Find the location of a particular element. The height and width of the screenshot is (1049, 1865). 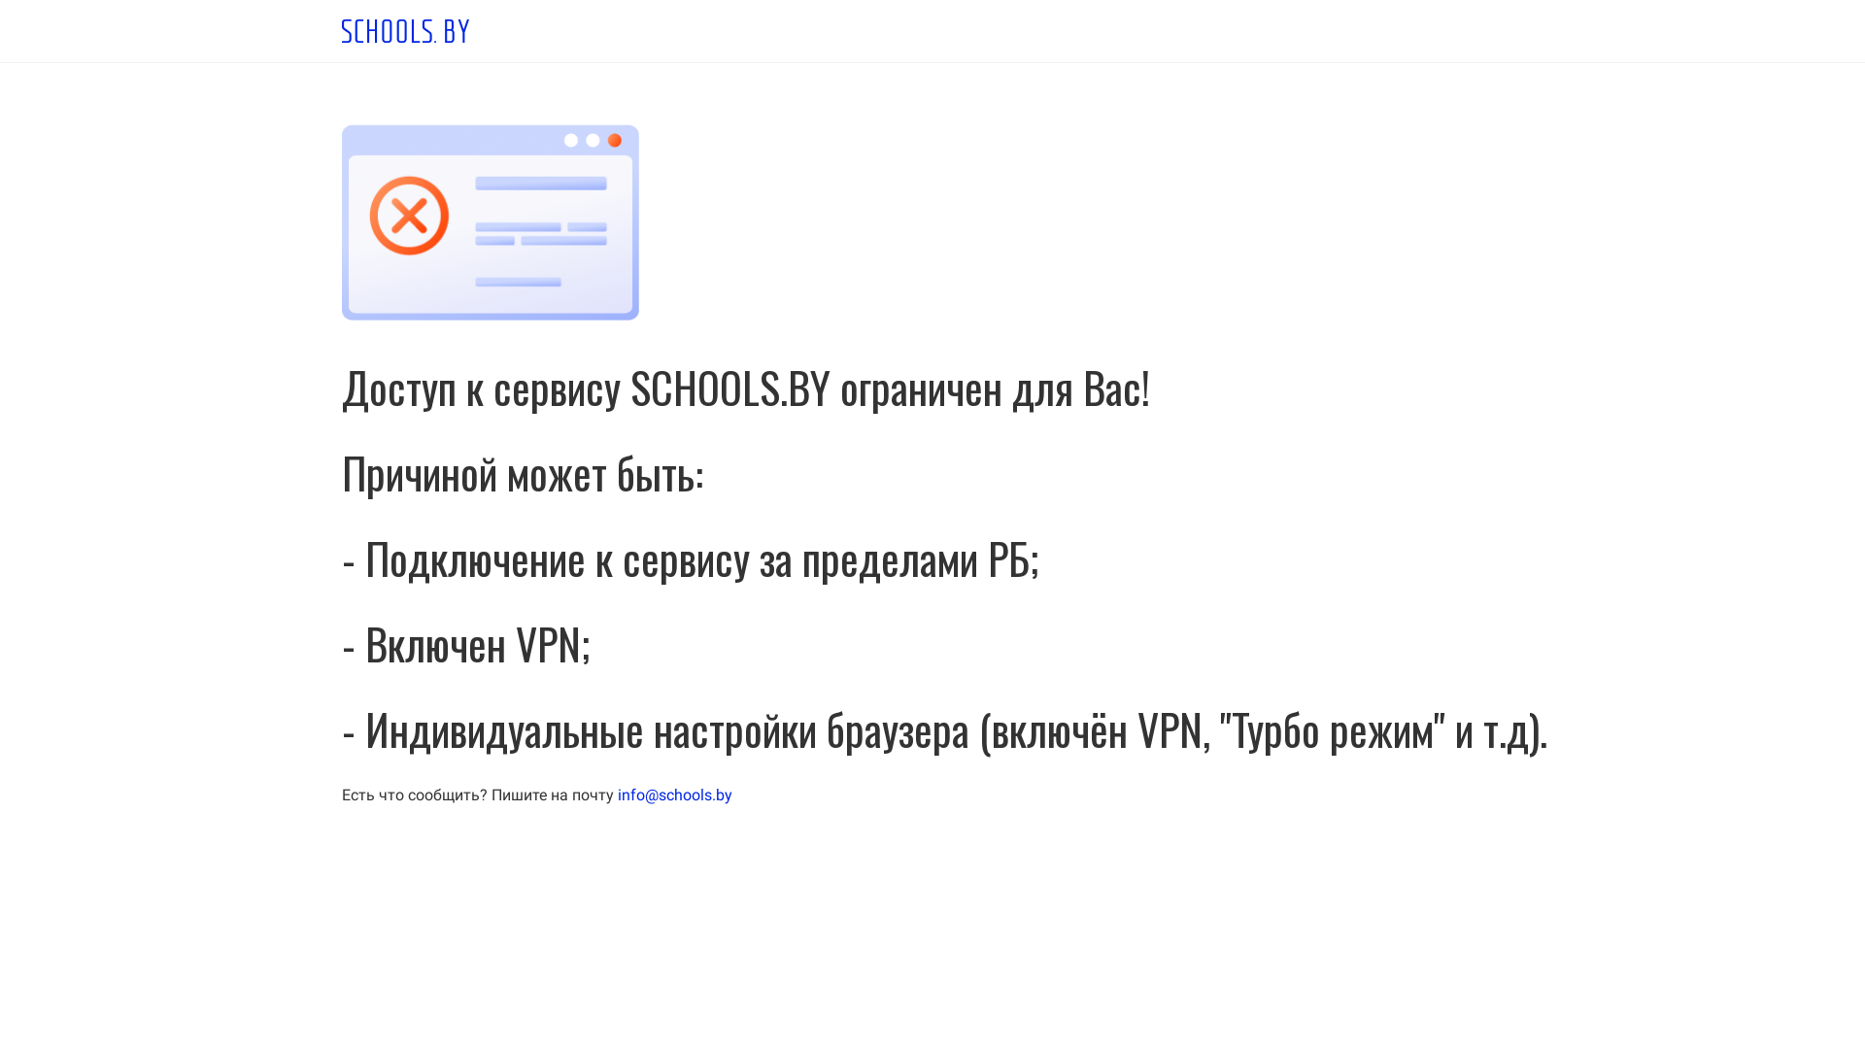

'info@schools.by' is located at coordinates (616, 795).